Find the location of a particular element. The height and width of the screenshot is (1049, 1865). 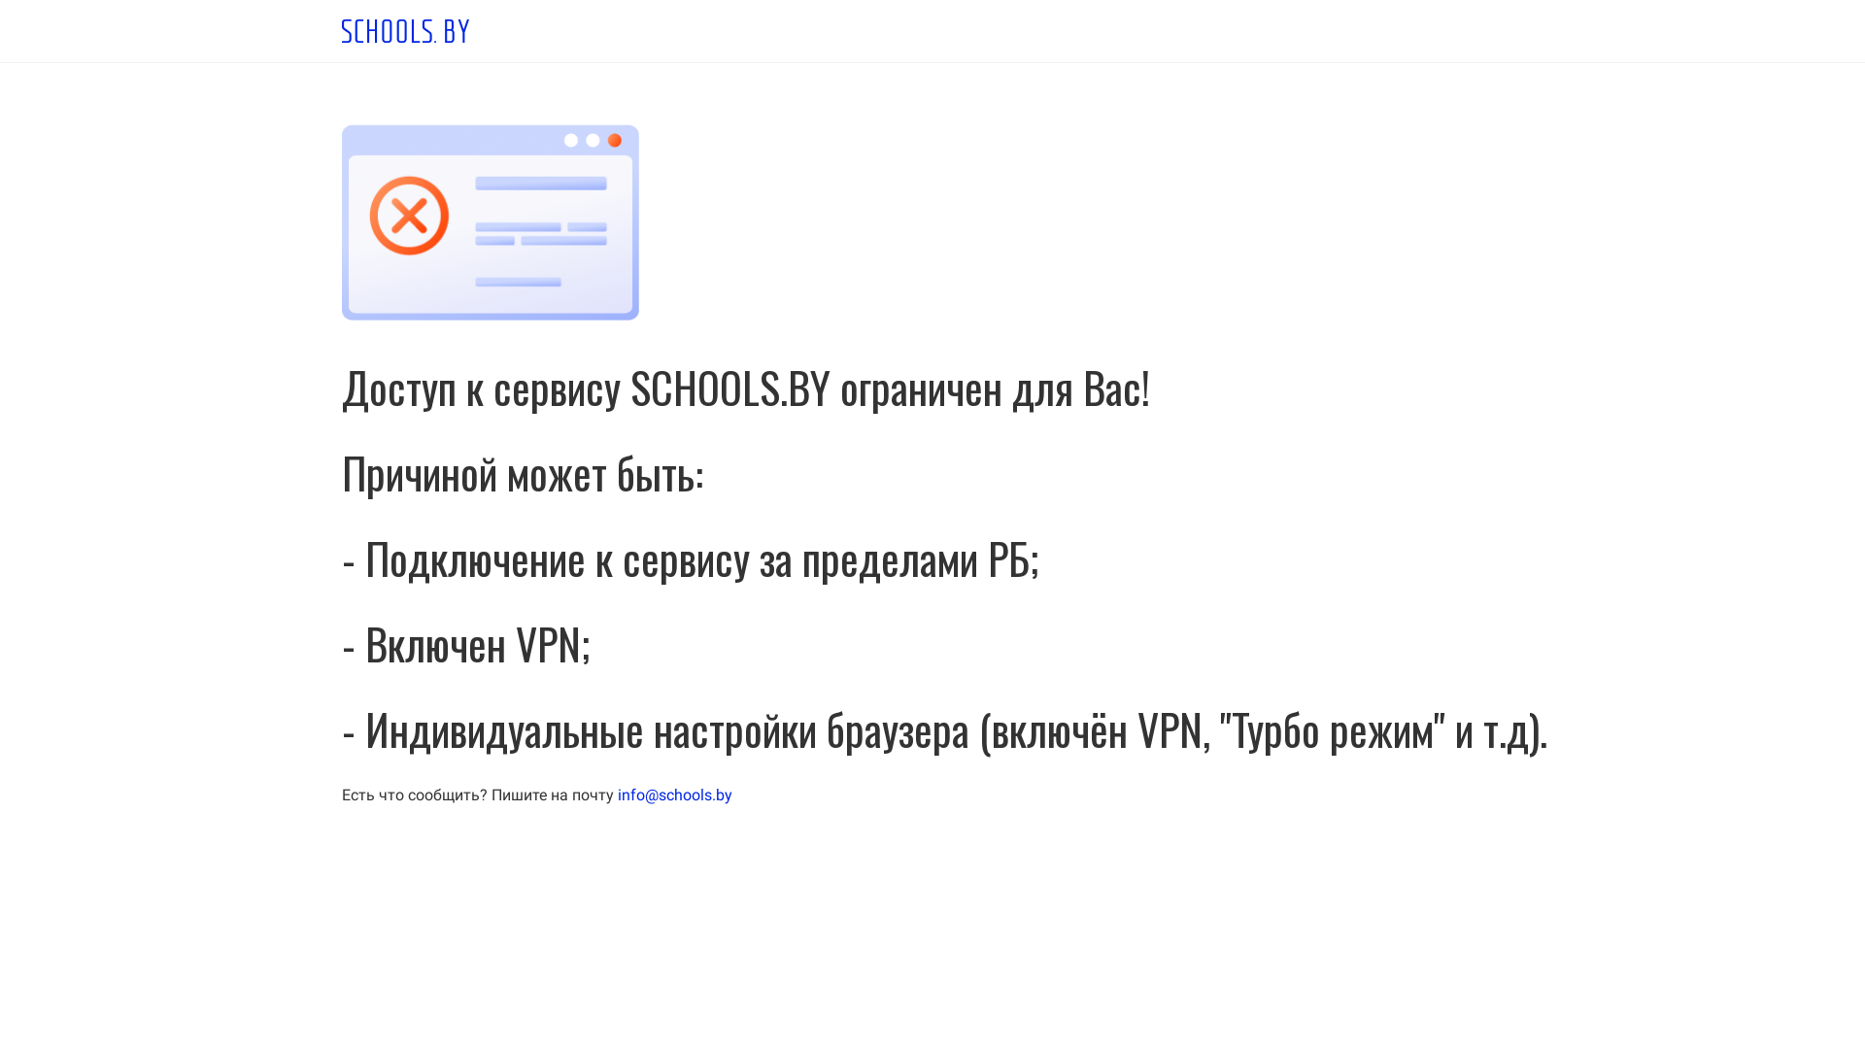

'info@schools.by' is located at coordinates (616, 795).